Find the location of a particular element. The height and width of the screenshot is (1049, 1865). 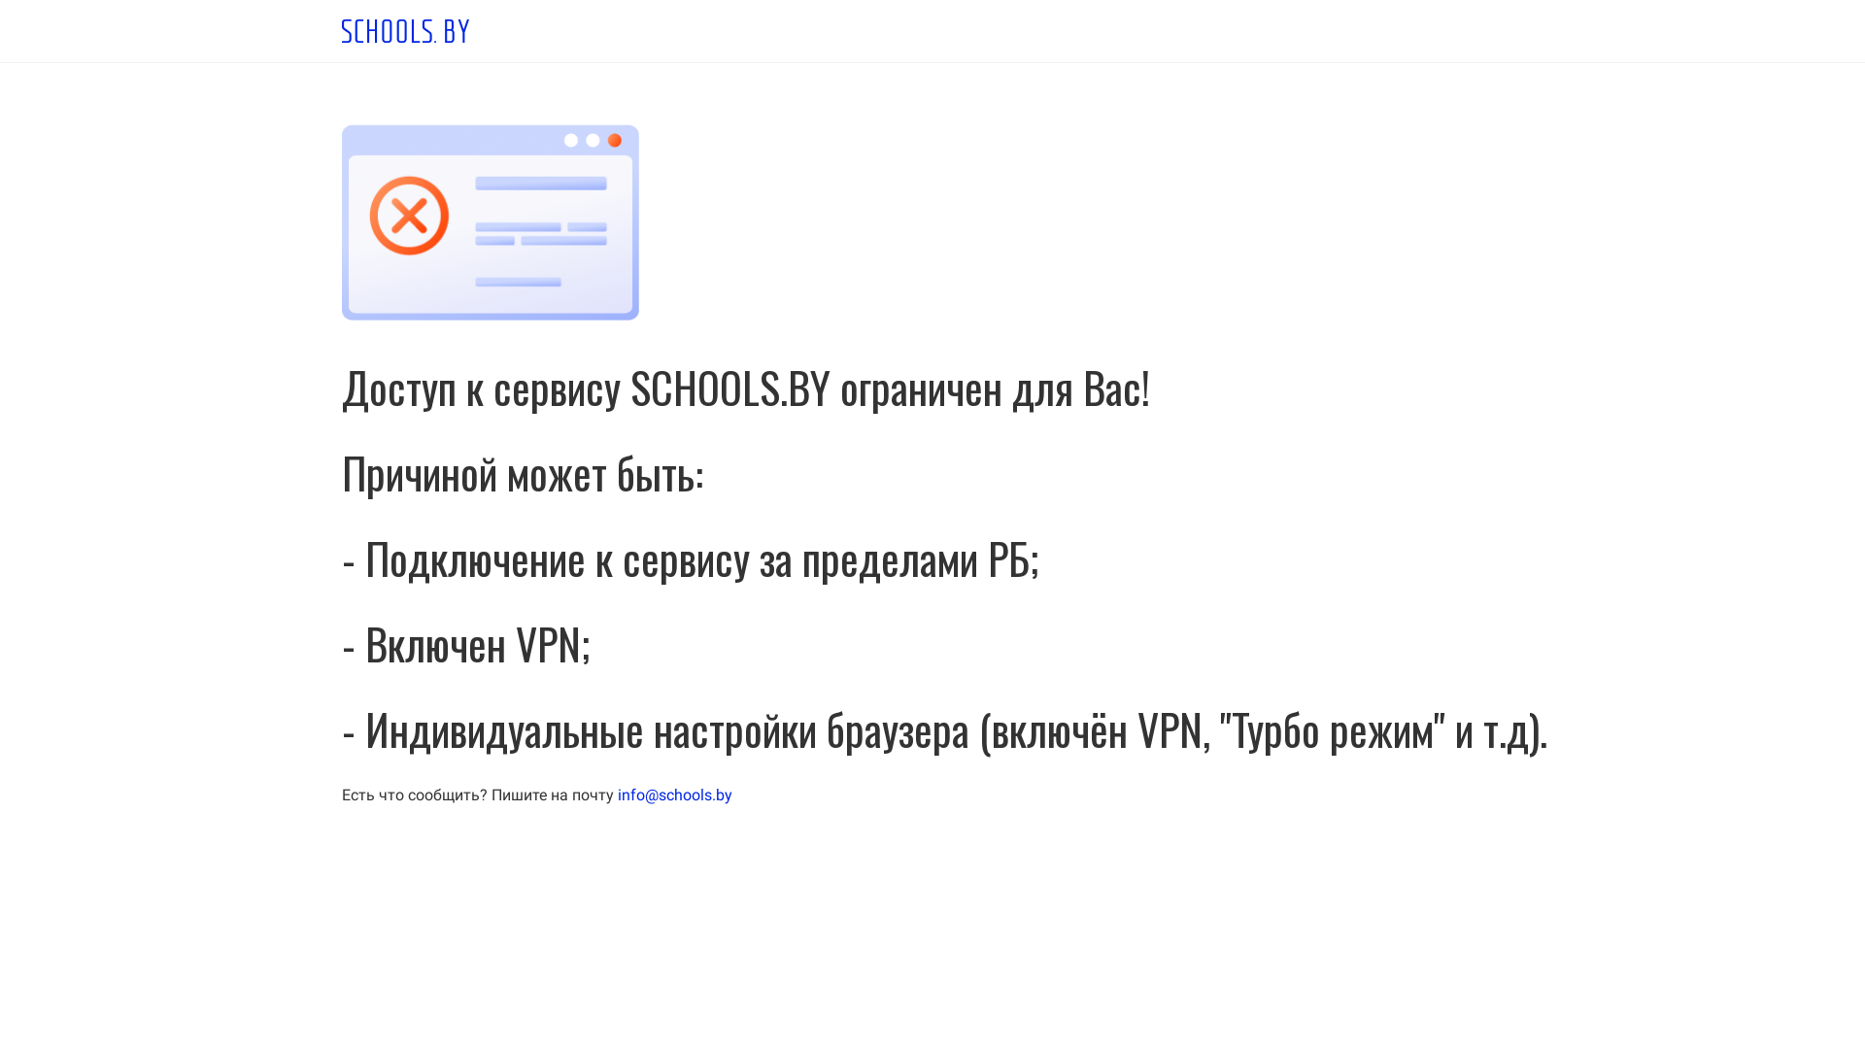

'info@schools.by' is located at coordinates (616, 795).